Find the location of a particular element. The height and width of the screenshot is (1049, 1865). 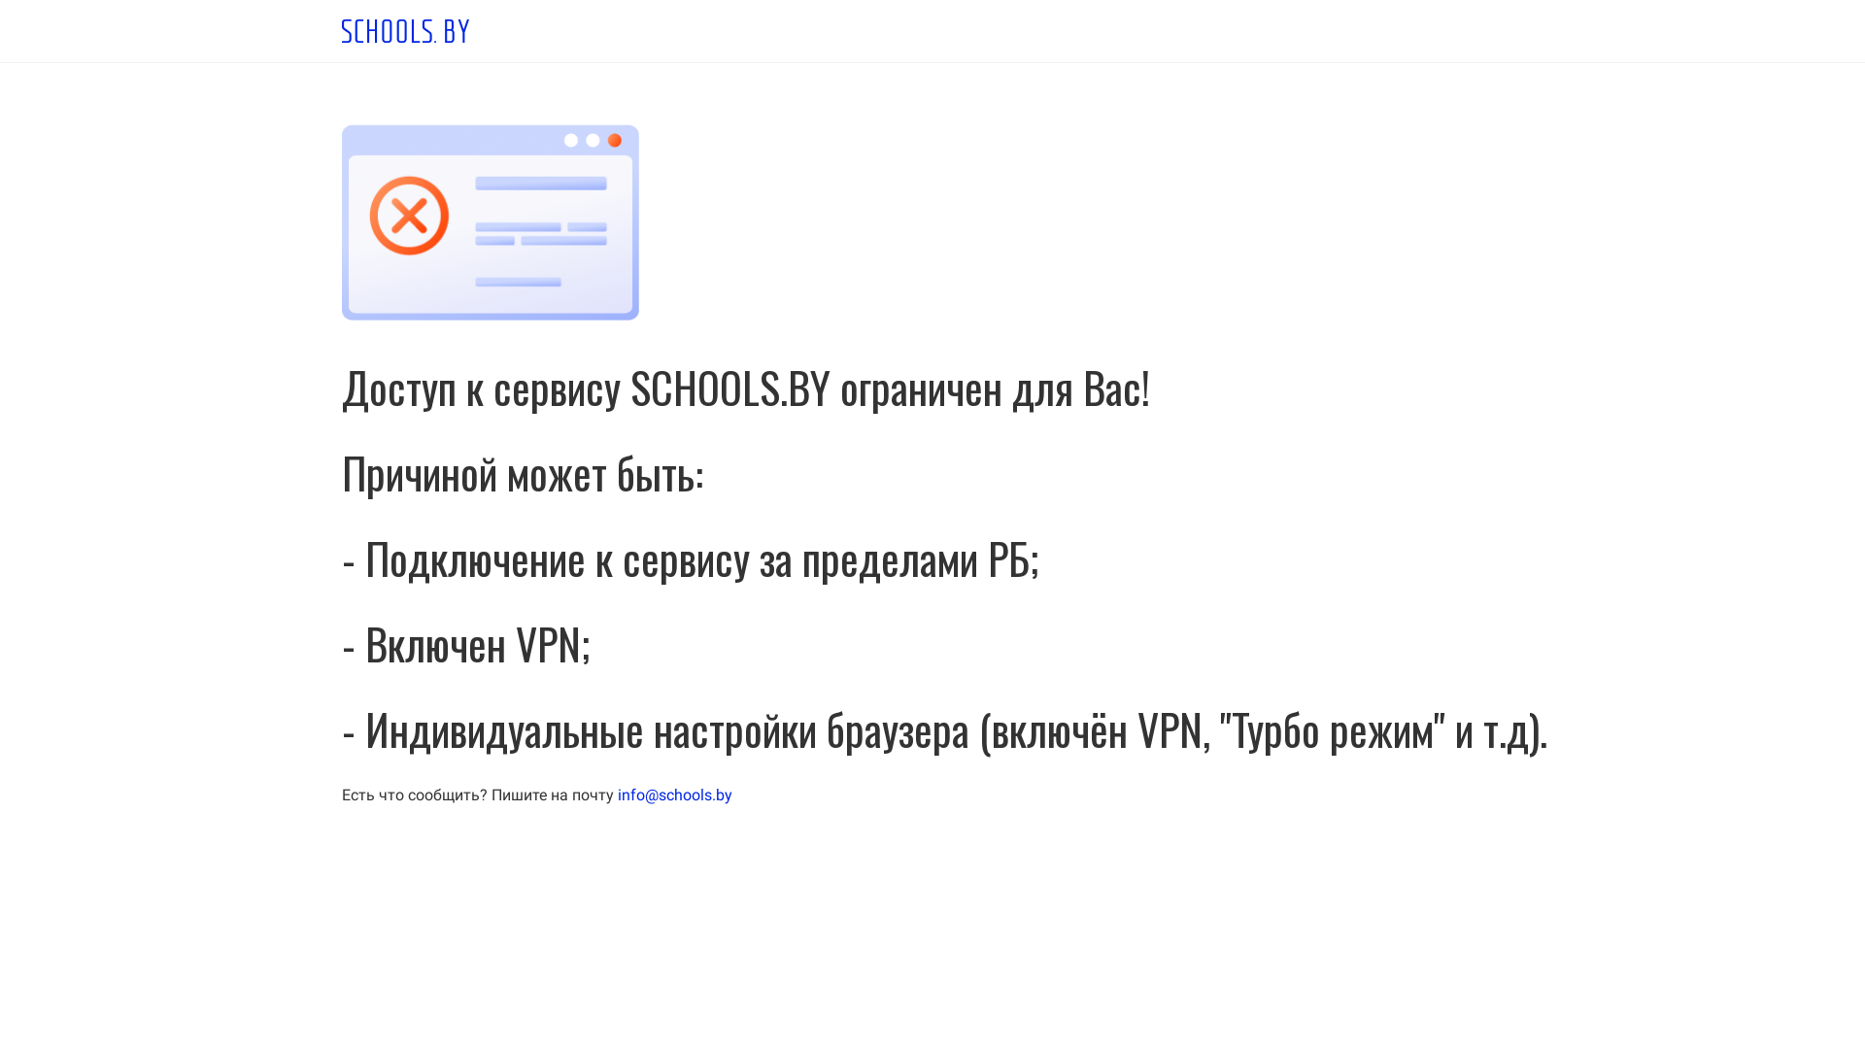

'info@schools.by' is located at coordinates (616, 795).